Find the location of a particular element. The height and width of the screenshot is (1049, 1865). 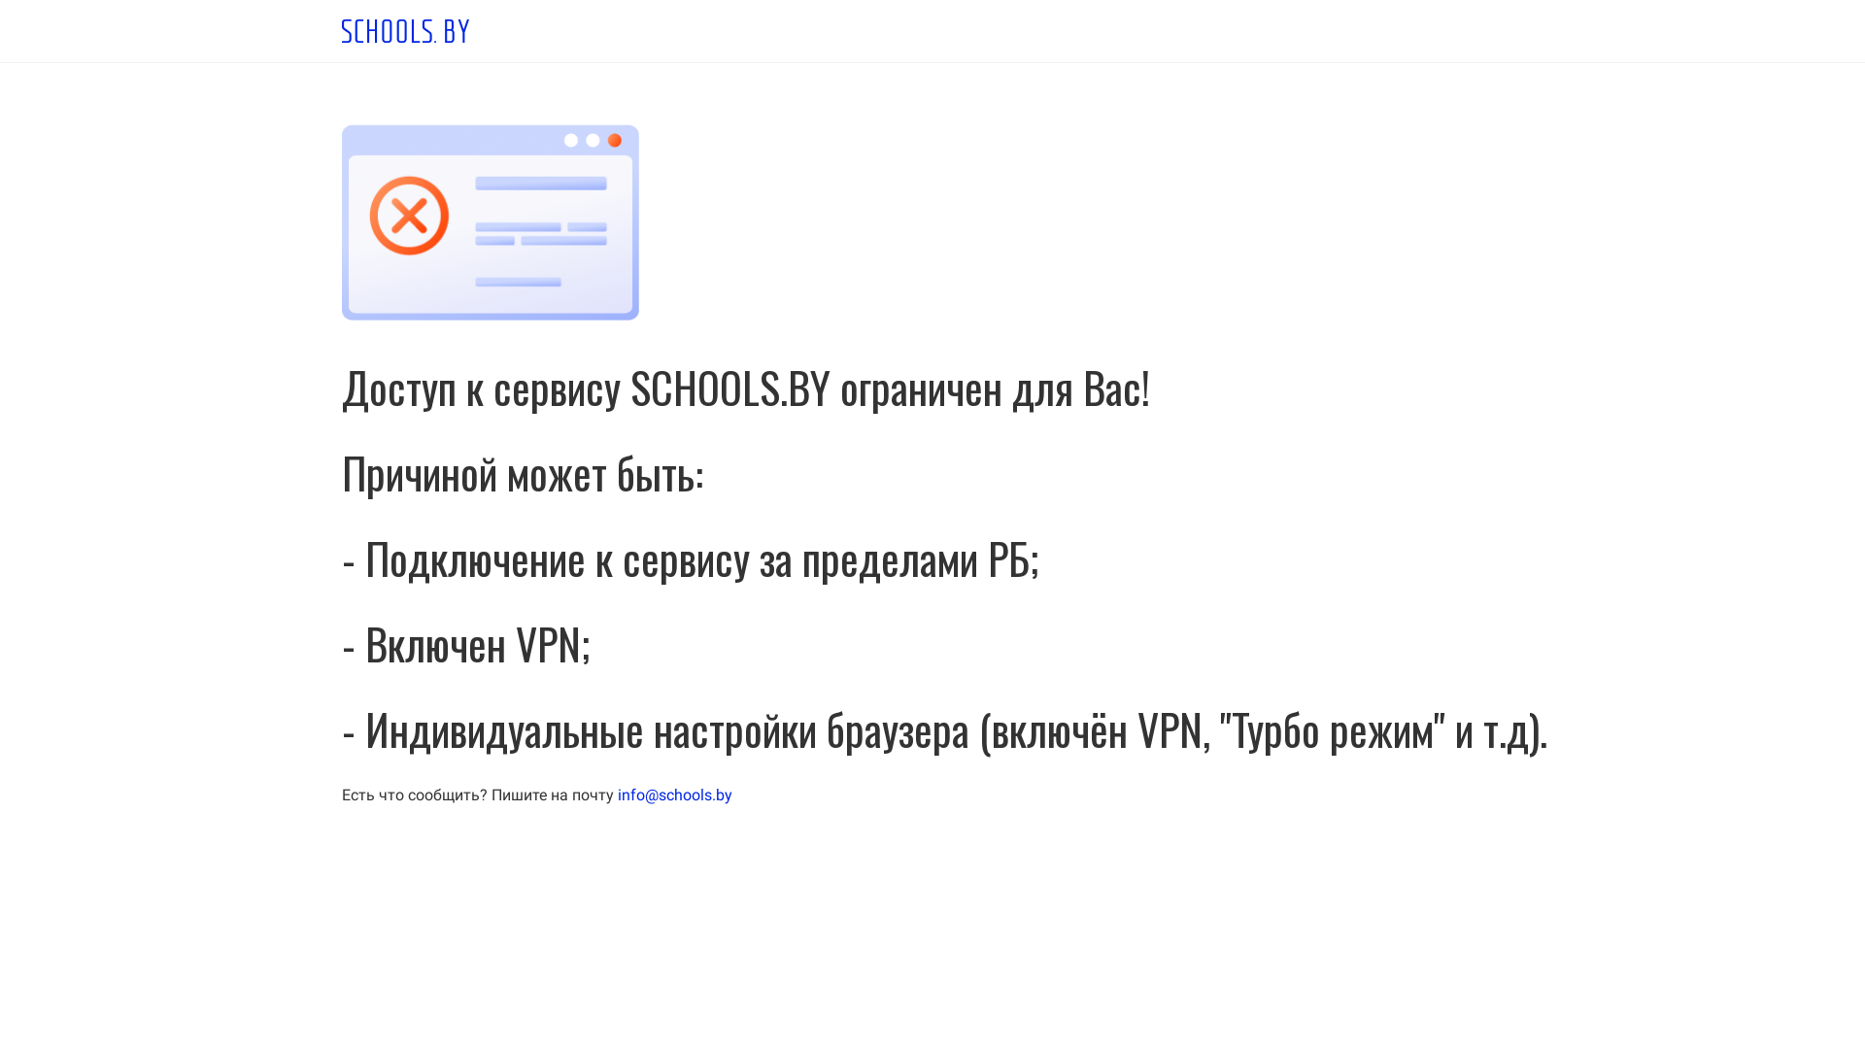

'info@schools.by' is located at coordinates (616, 795).